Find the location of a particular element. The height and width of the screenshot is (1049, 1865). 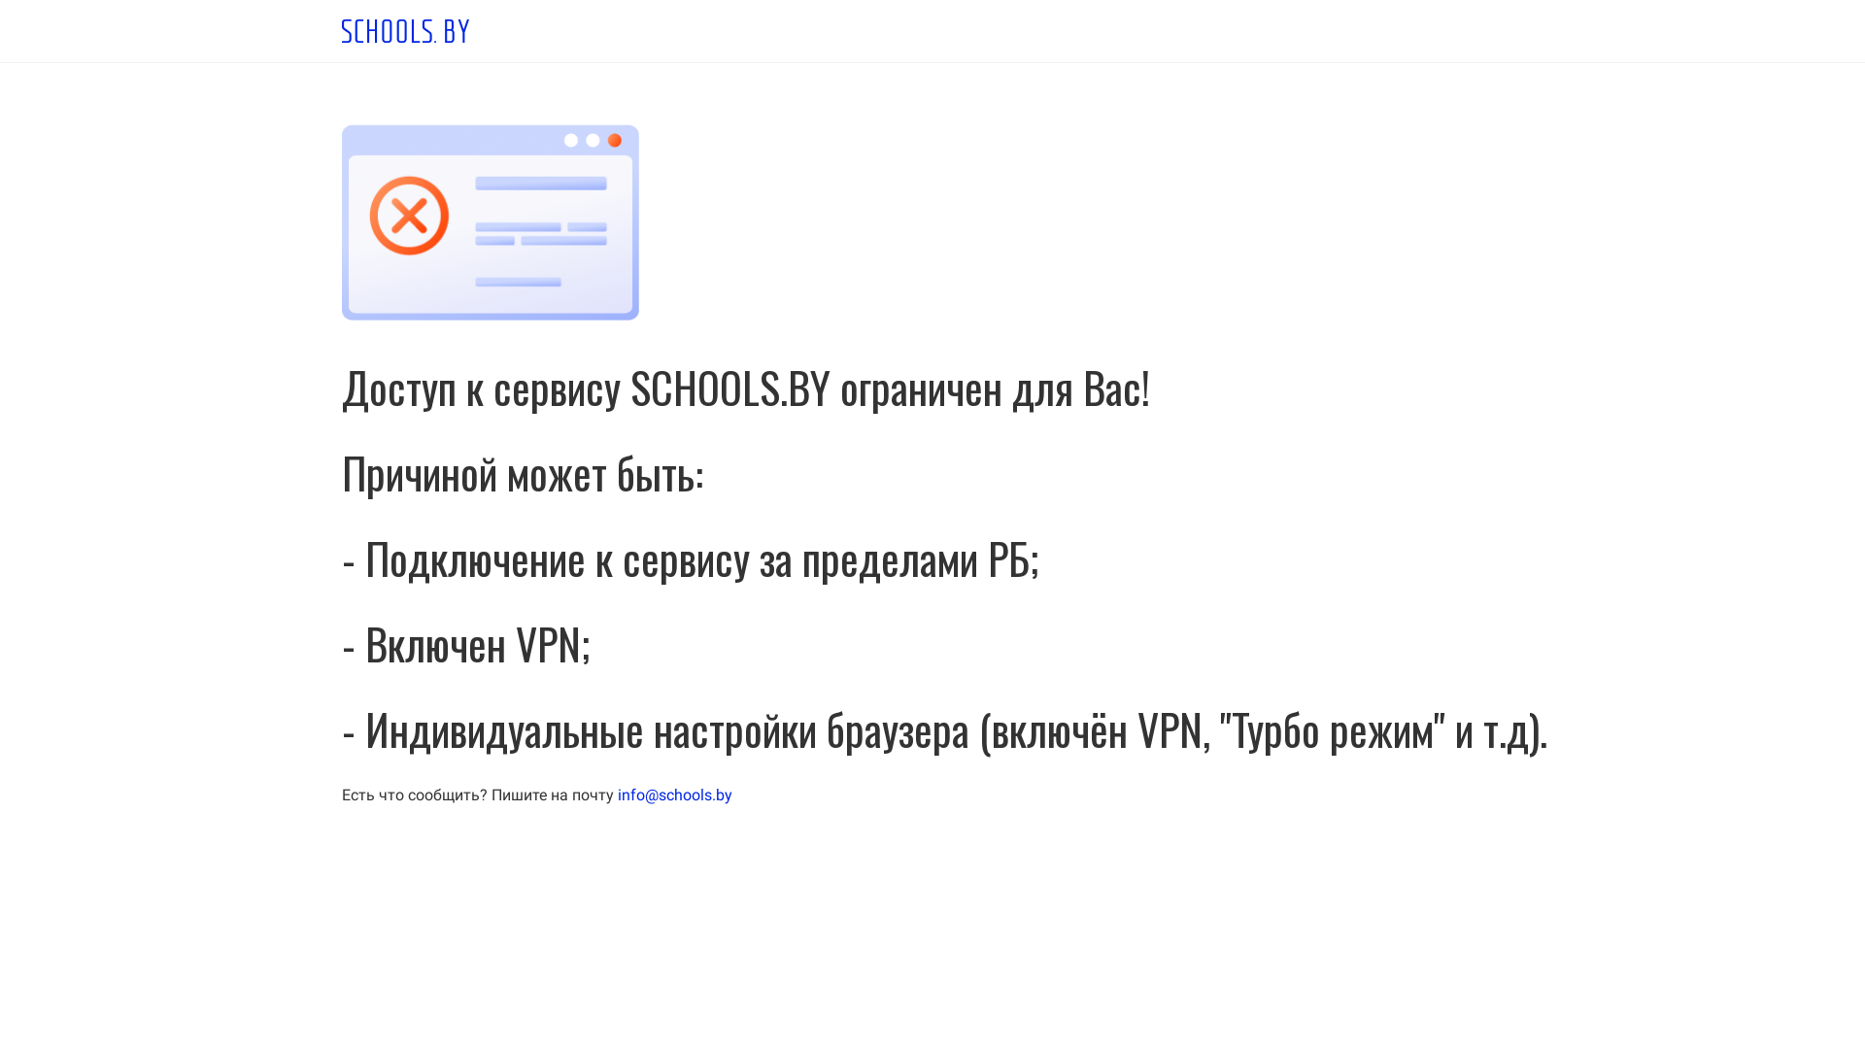

'info@schools.by' is located at coordinates (616, 795).